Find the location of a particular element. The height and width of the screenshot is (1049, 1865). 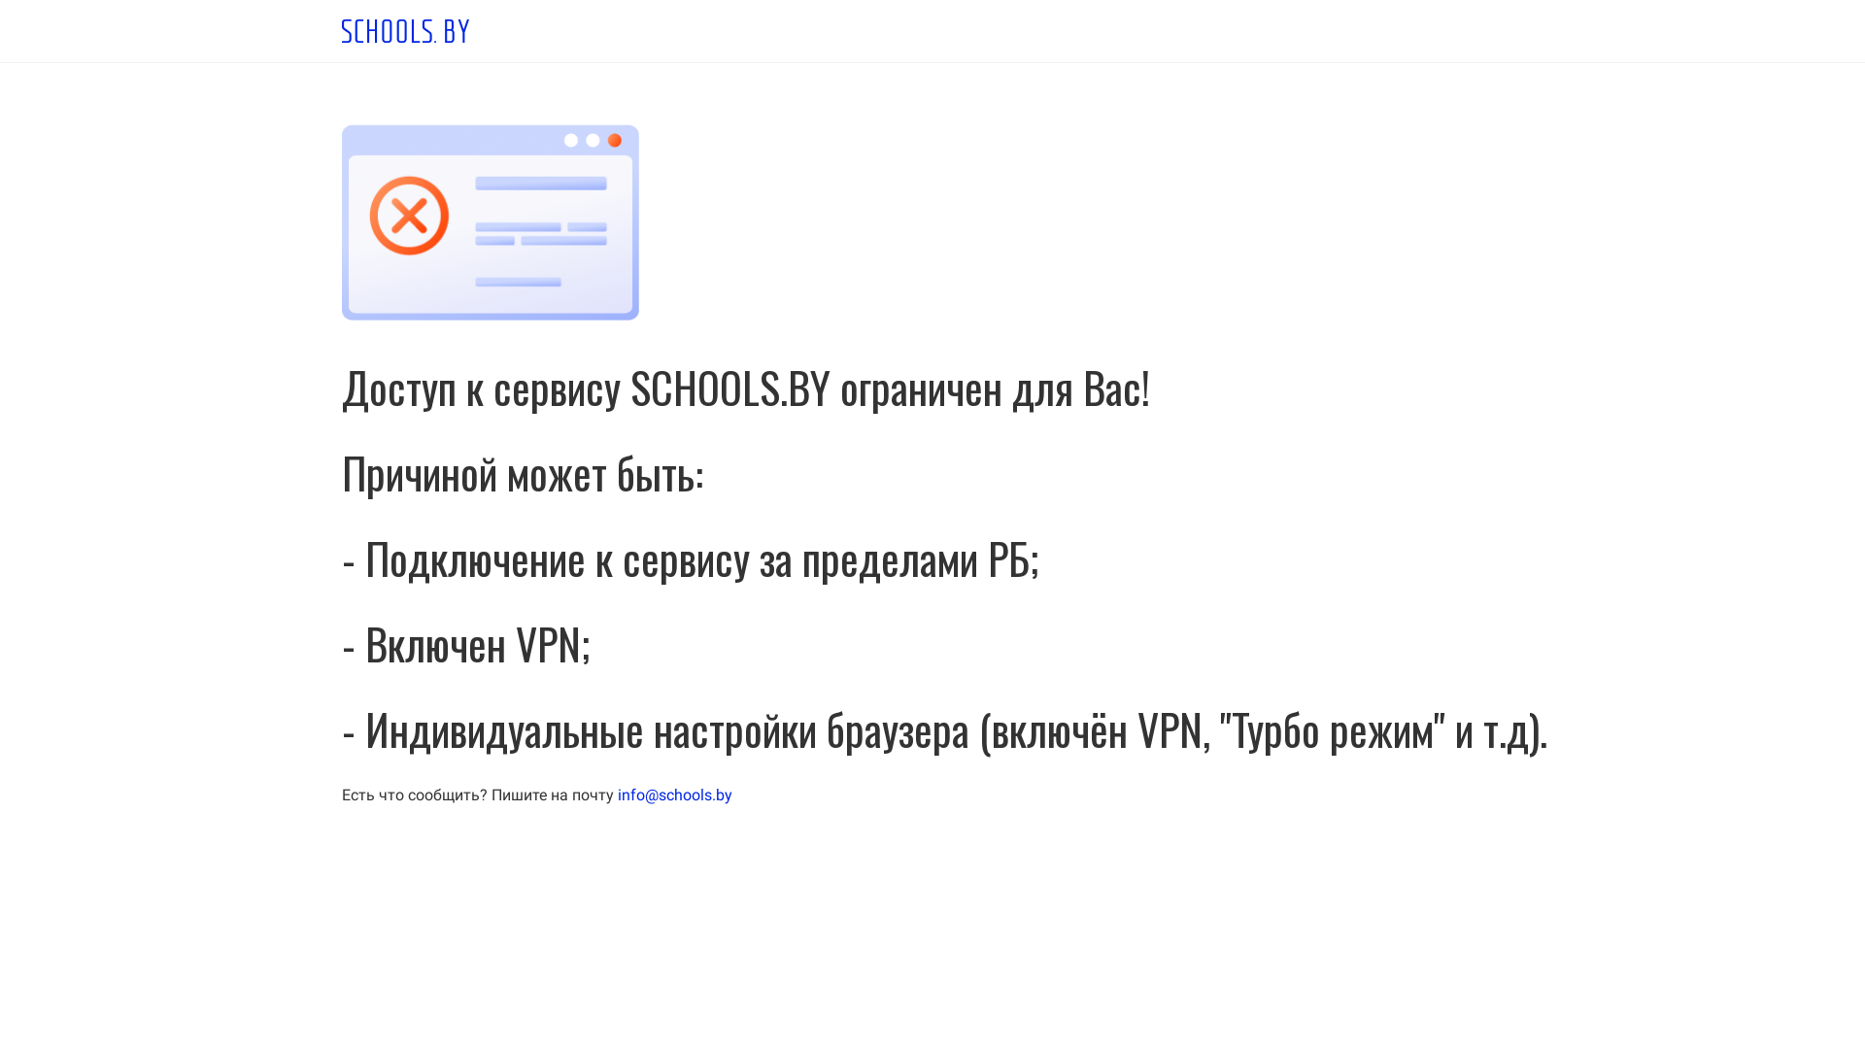

'info@schools.by' is located at coordinates (616, 795).